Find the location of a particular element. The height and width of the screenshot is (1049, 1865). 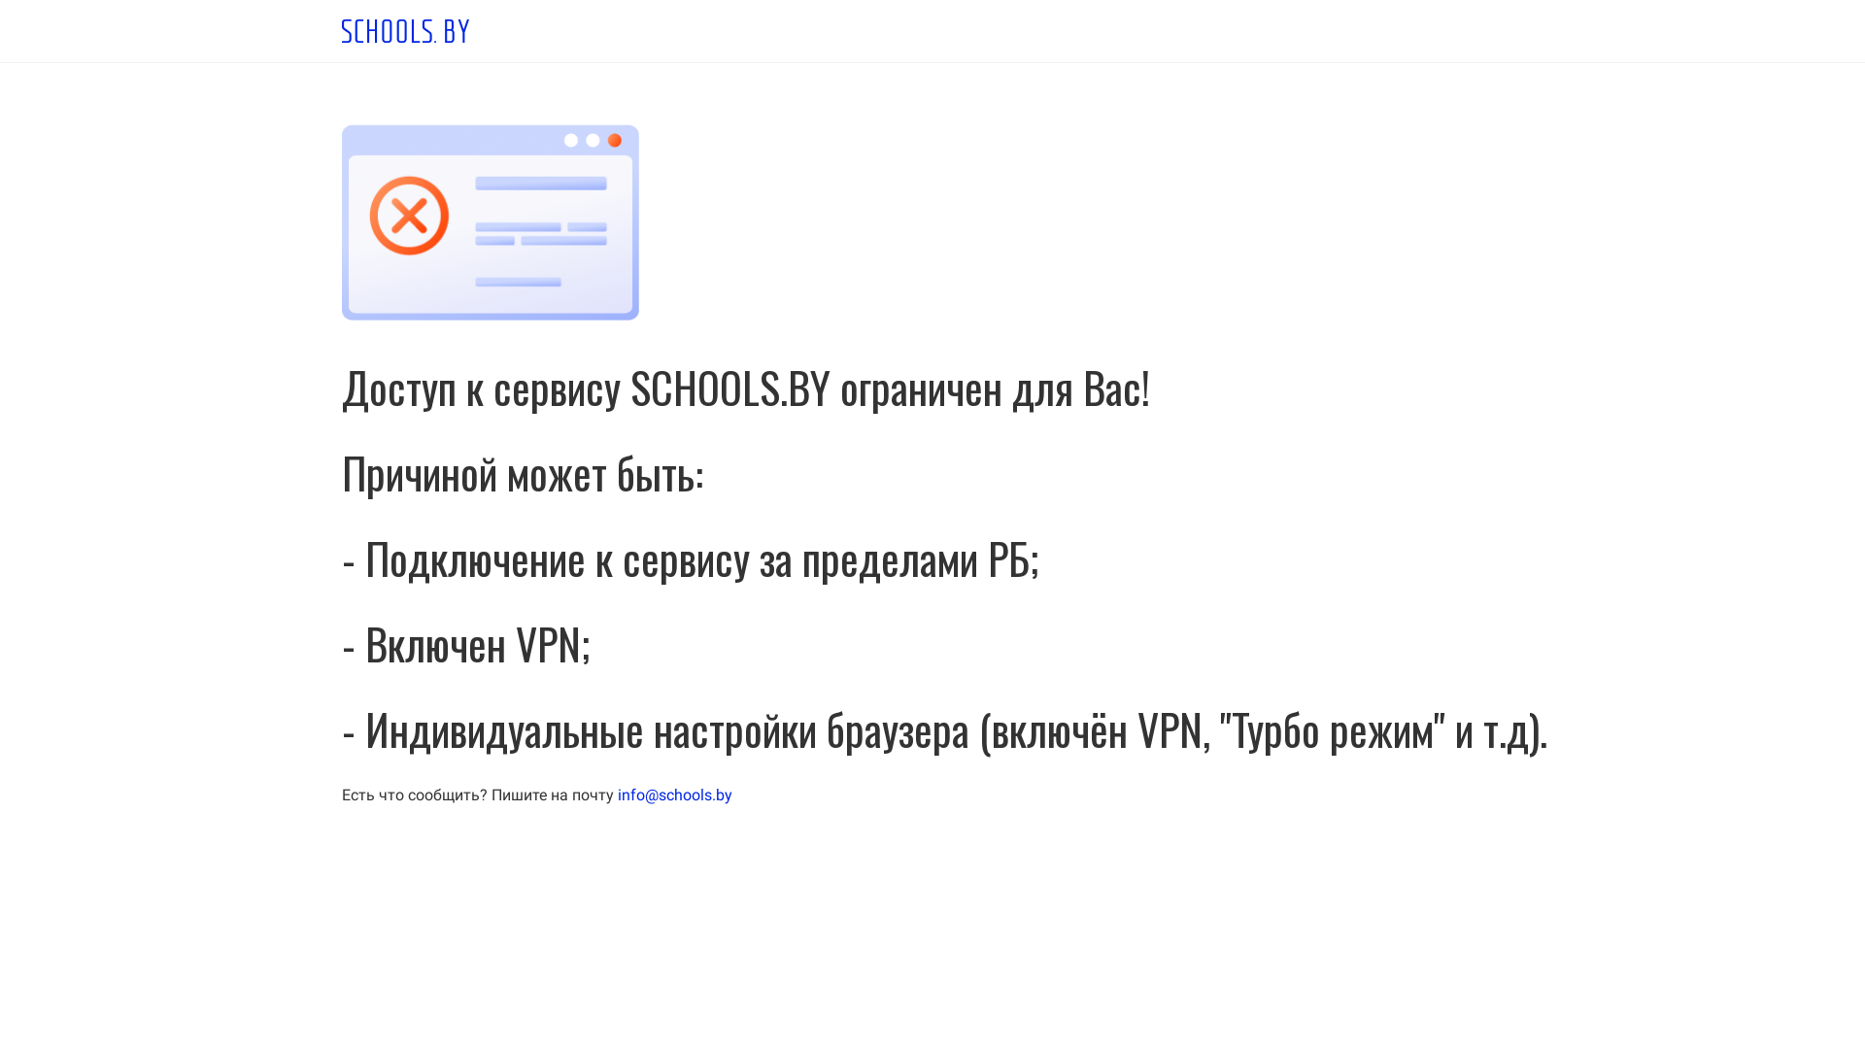

'info@schools.by' is located at coordinates (616, 795).